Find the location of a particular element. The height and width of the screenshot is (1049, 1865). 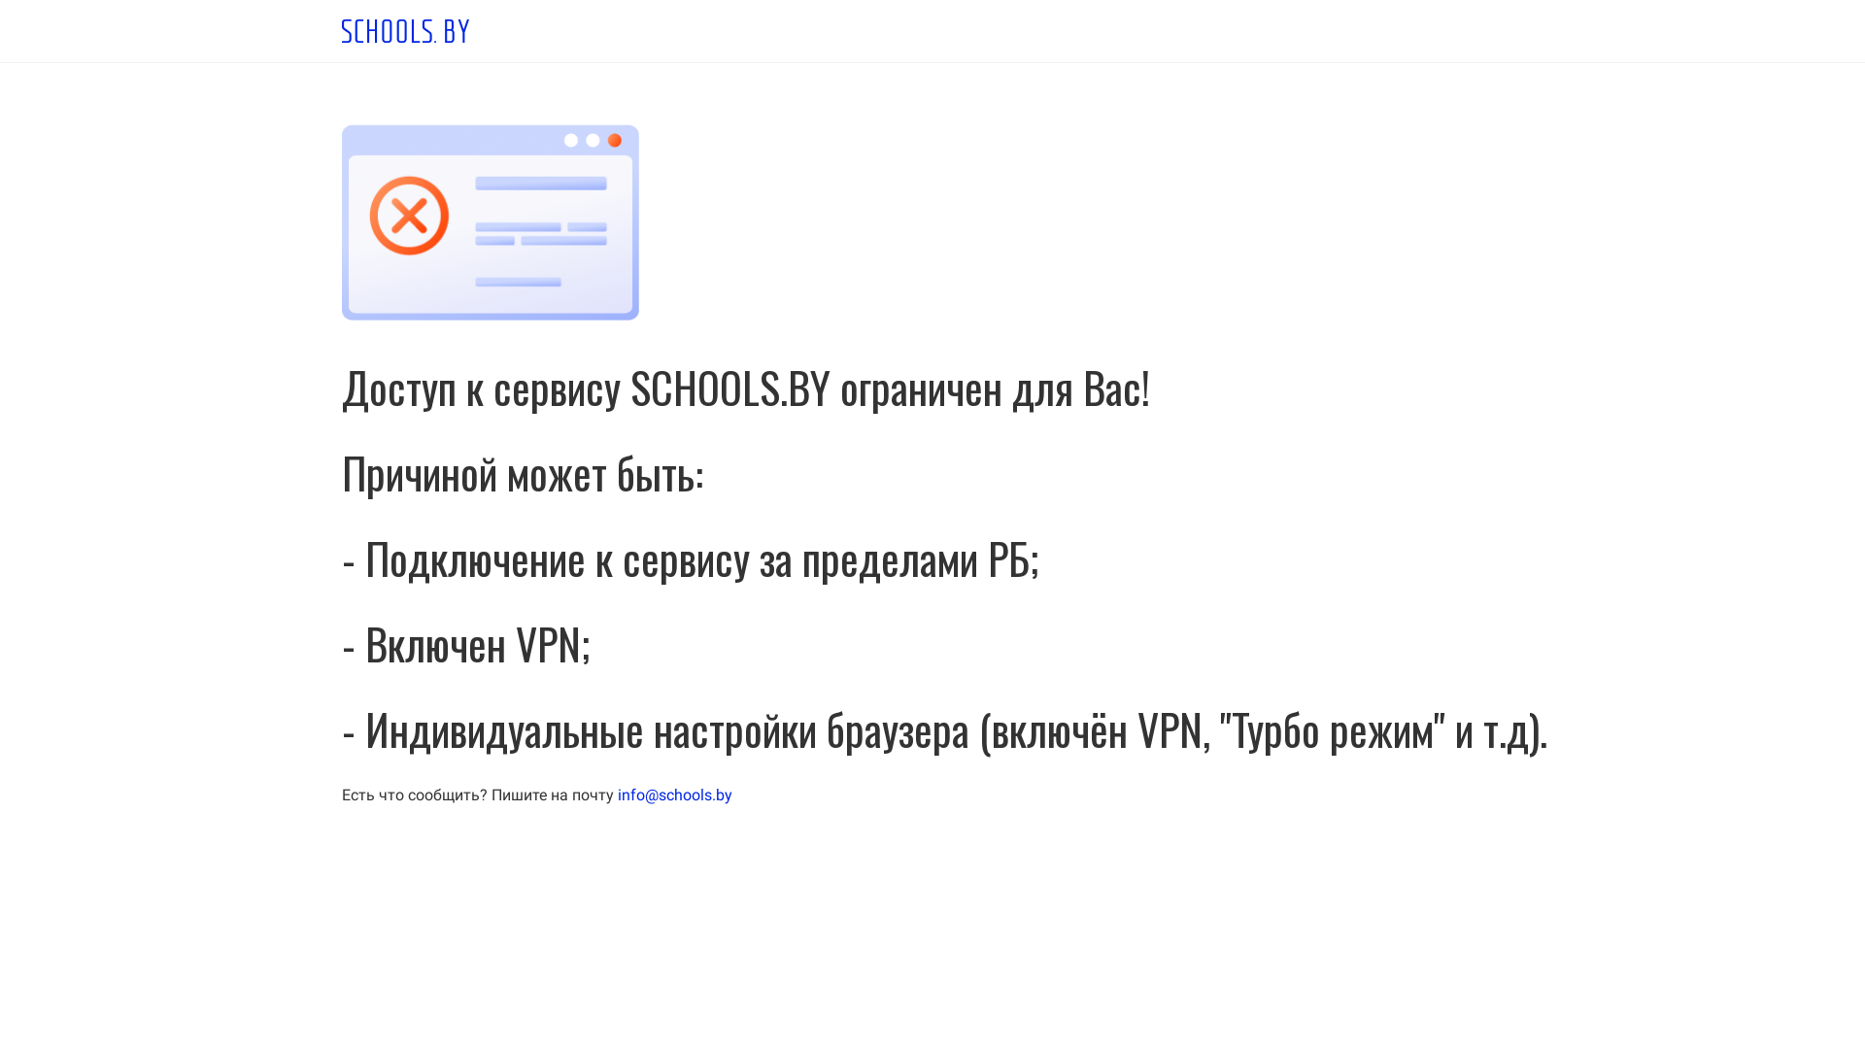

'info@schools.by' is located at coordinates (616, 795).